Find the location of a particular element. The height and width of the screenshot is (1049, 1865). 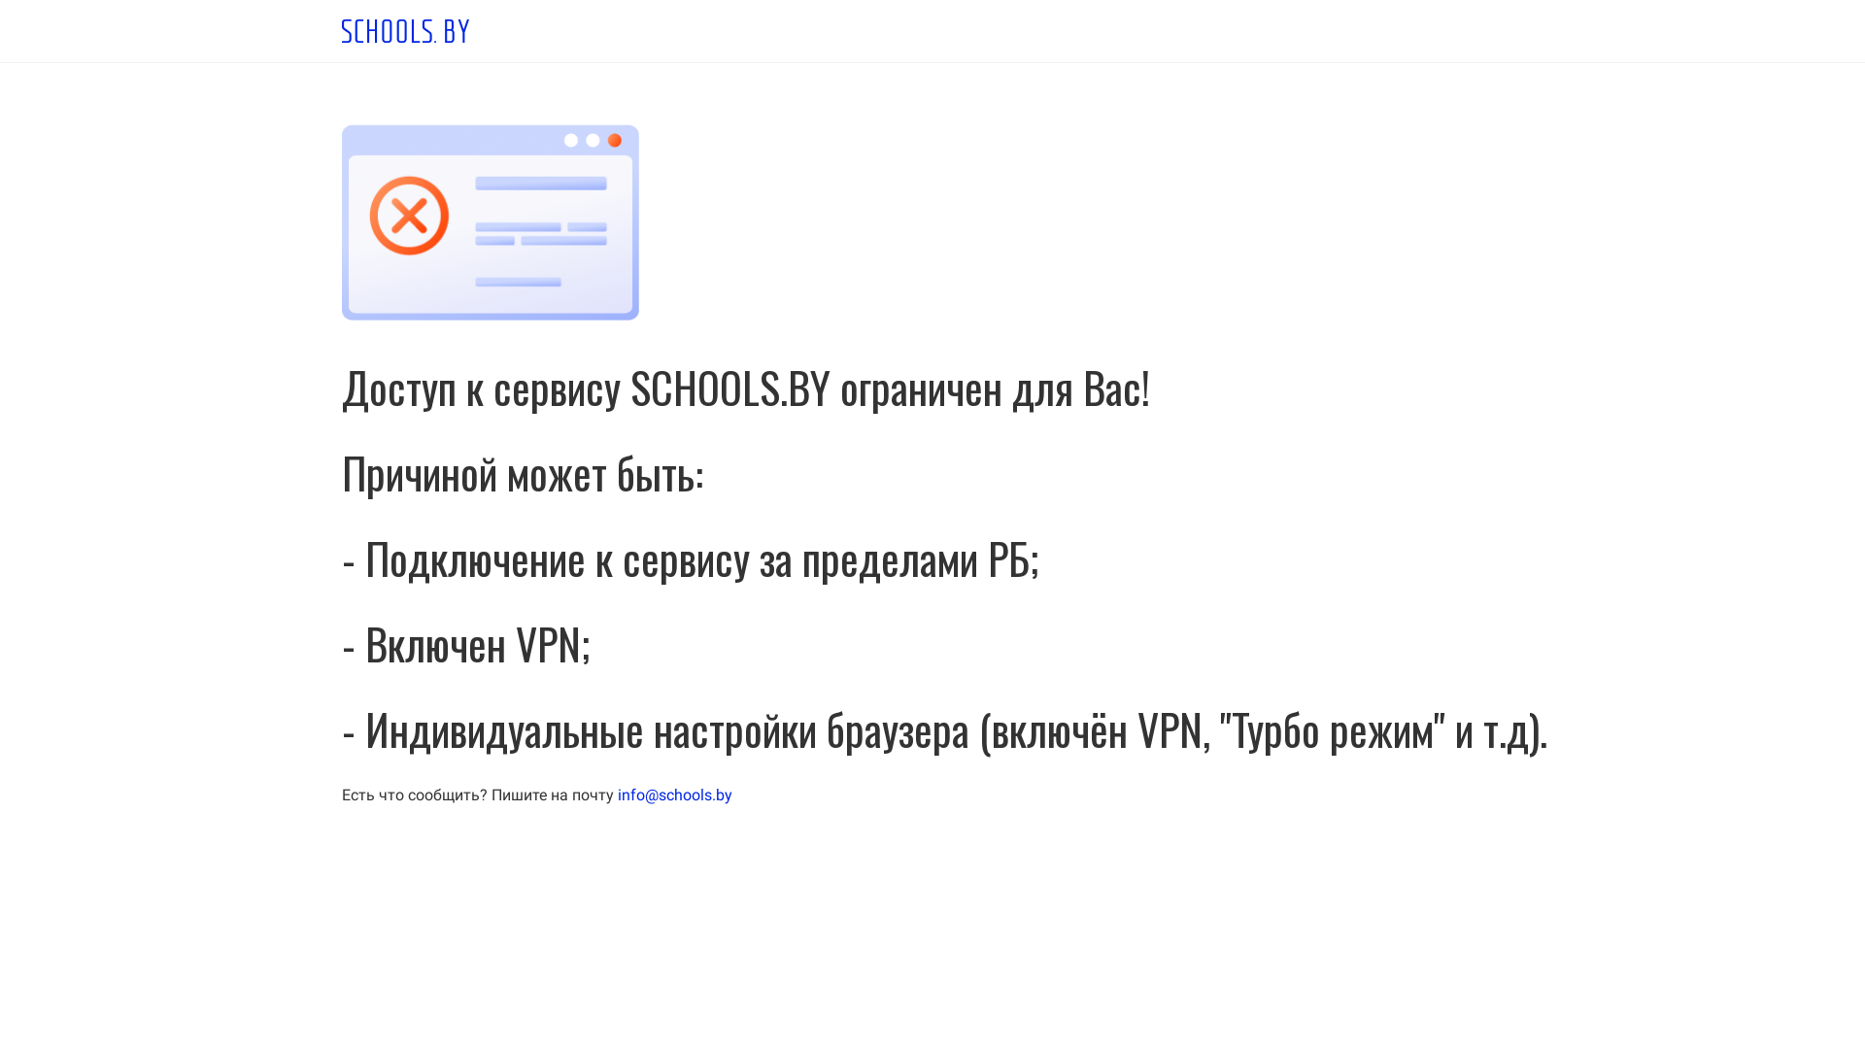

'info@schools.by' is located at coordinates (616, 795).